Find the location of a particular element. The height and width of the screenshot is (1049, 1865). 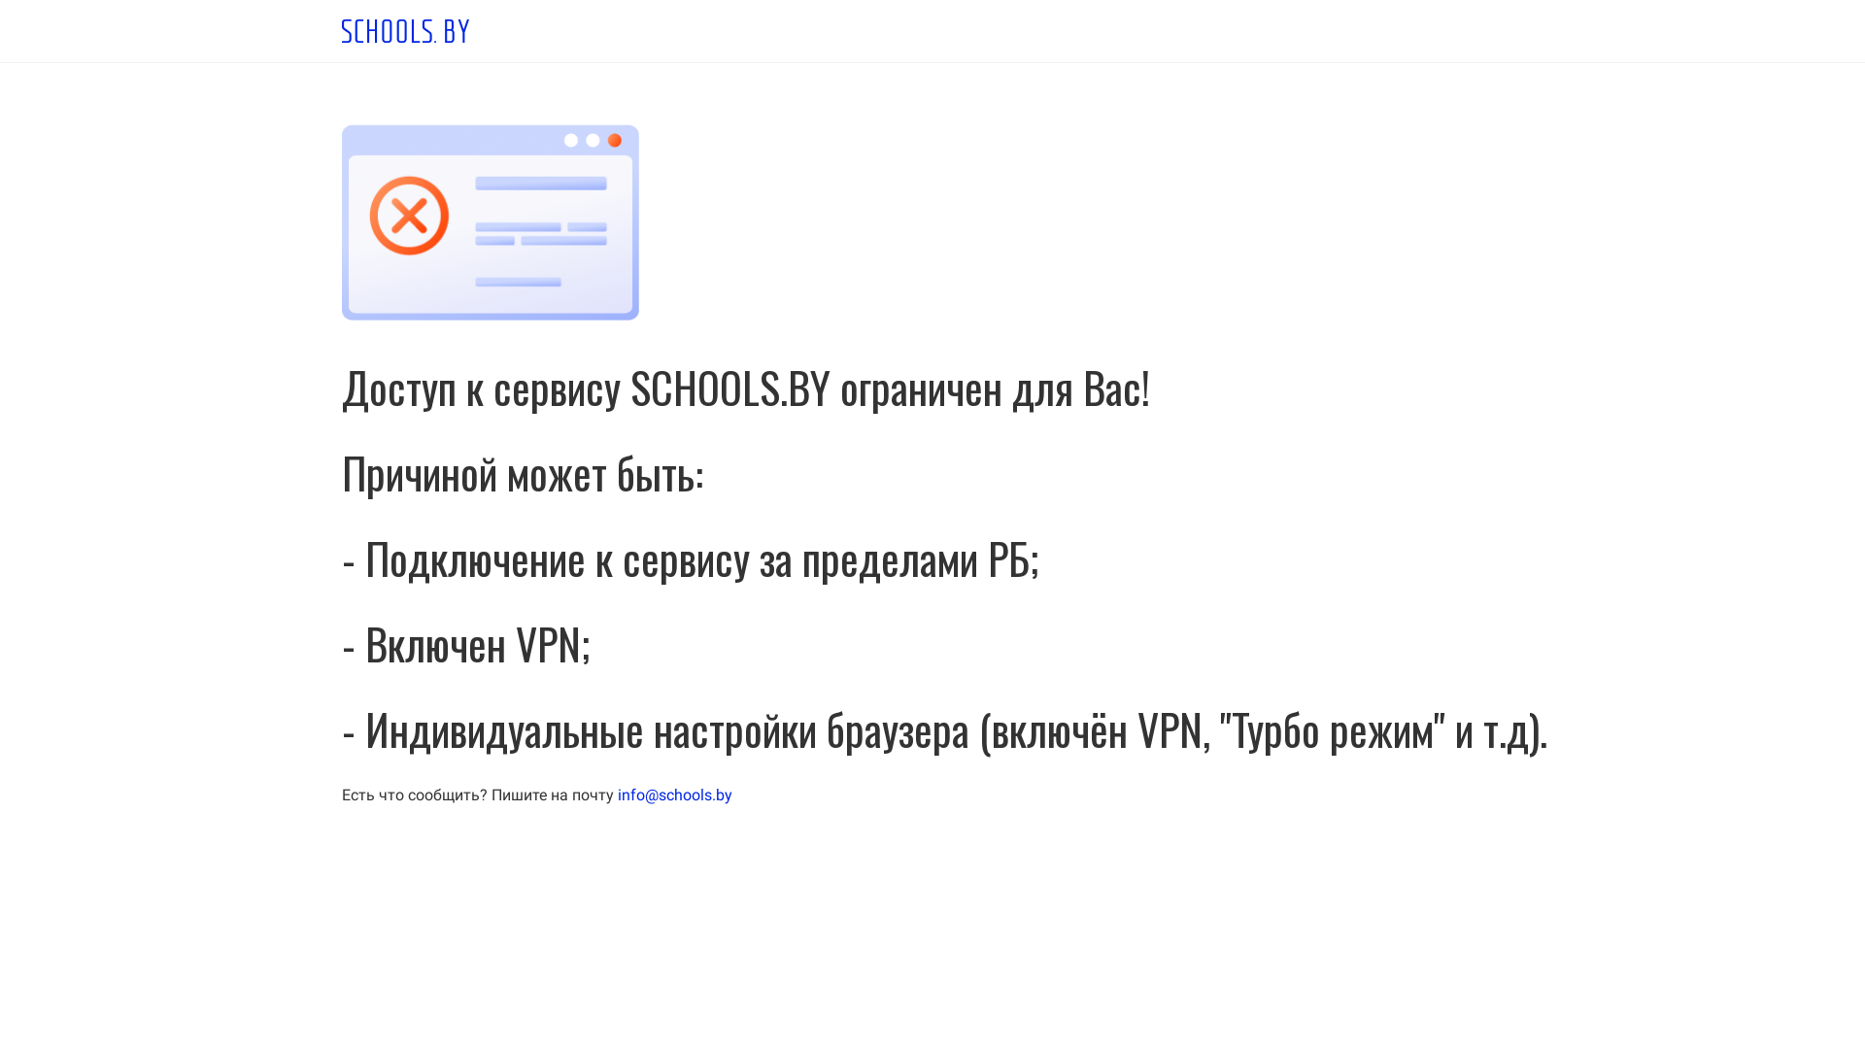

'info@schools.by' is located at coordinates (616, 795).